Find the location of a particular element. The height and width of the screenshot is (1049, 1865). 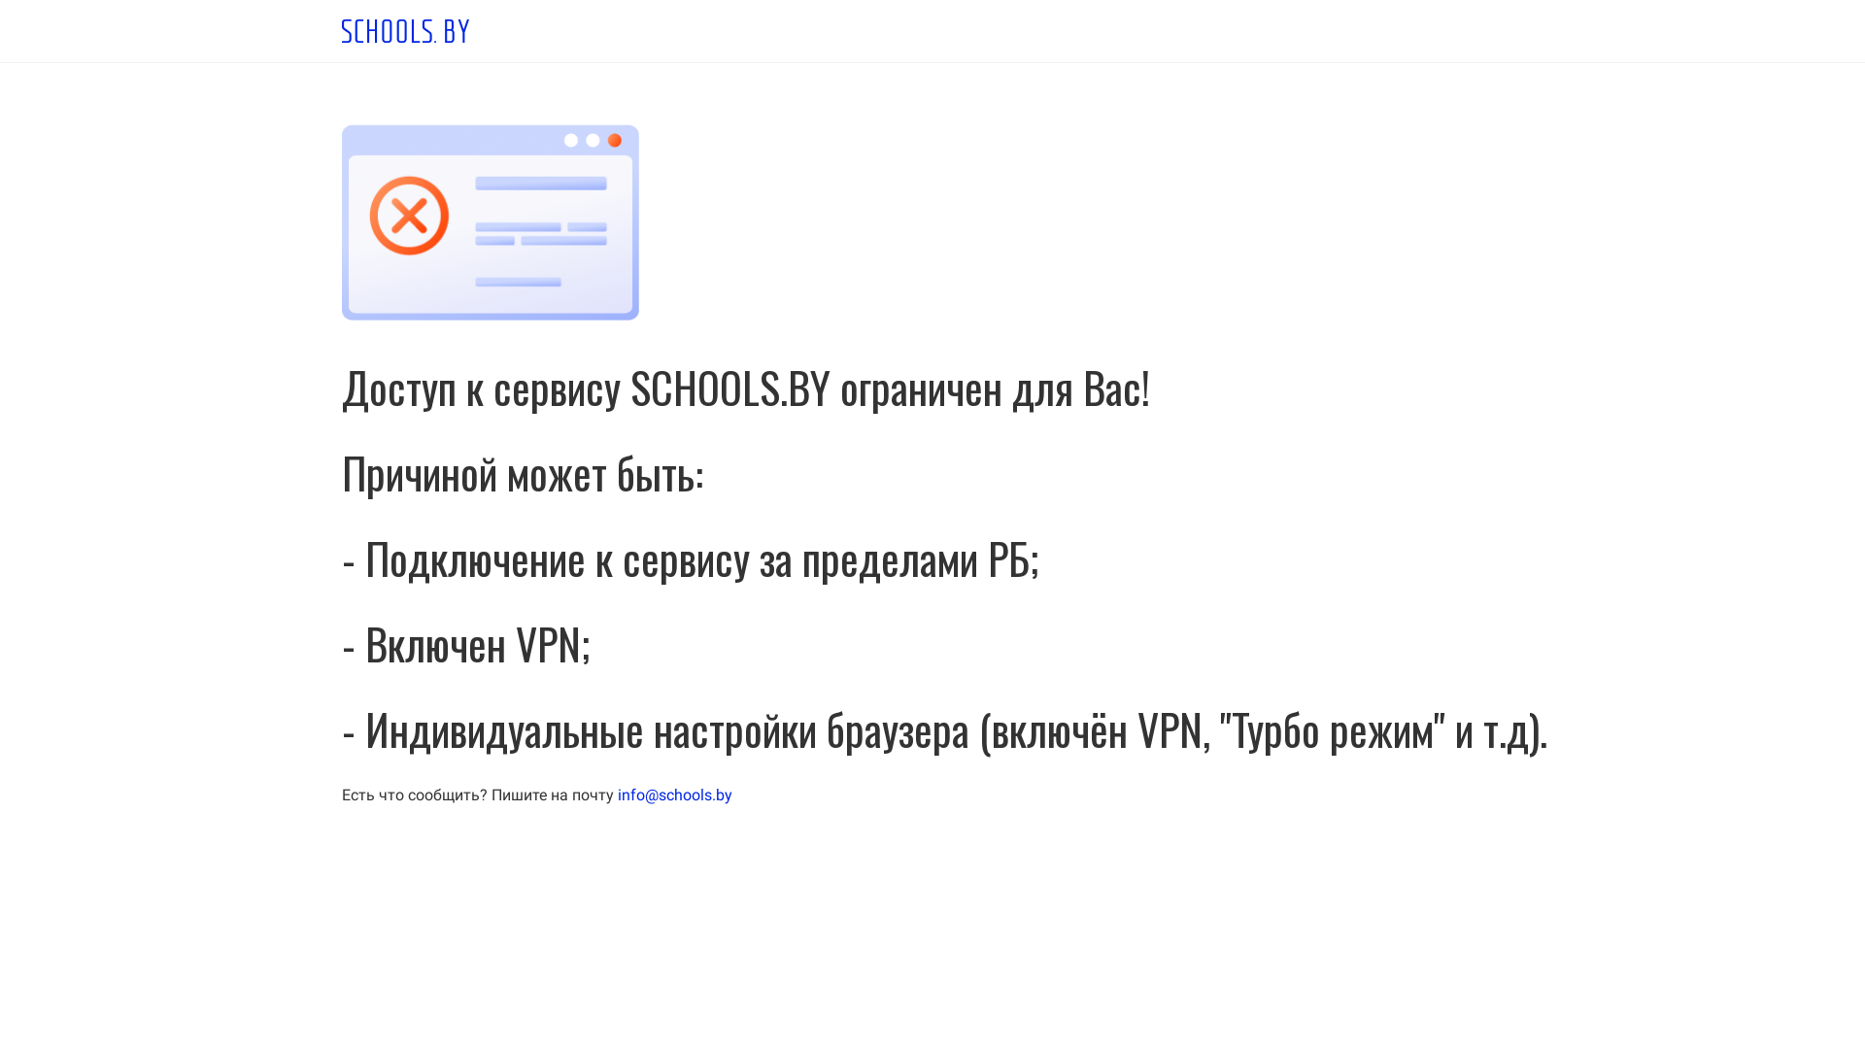

'info@schools.by' is located at coordinates (616, 795).